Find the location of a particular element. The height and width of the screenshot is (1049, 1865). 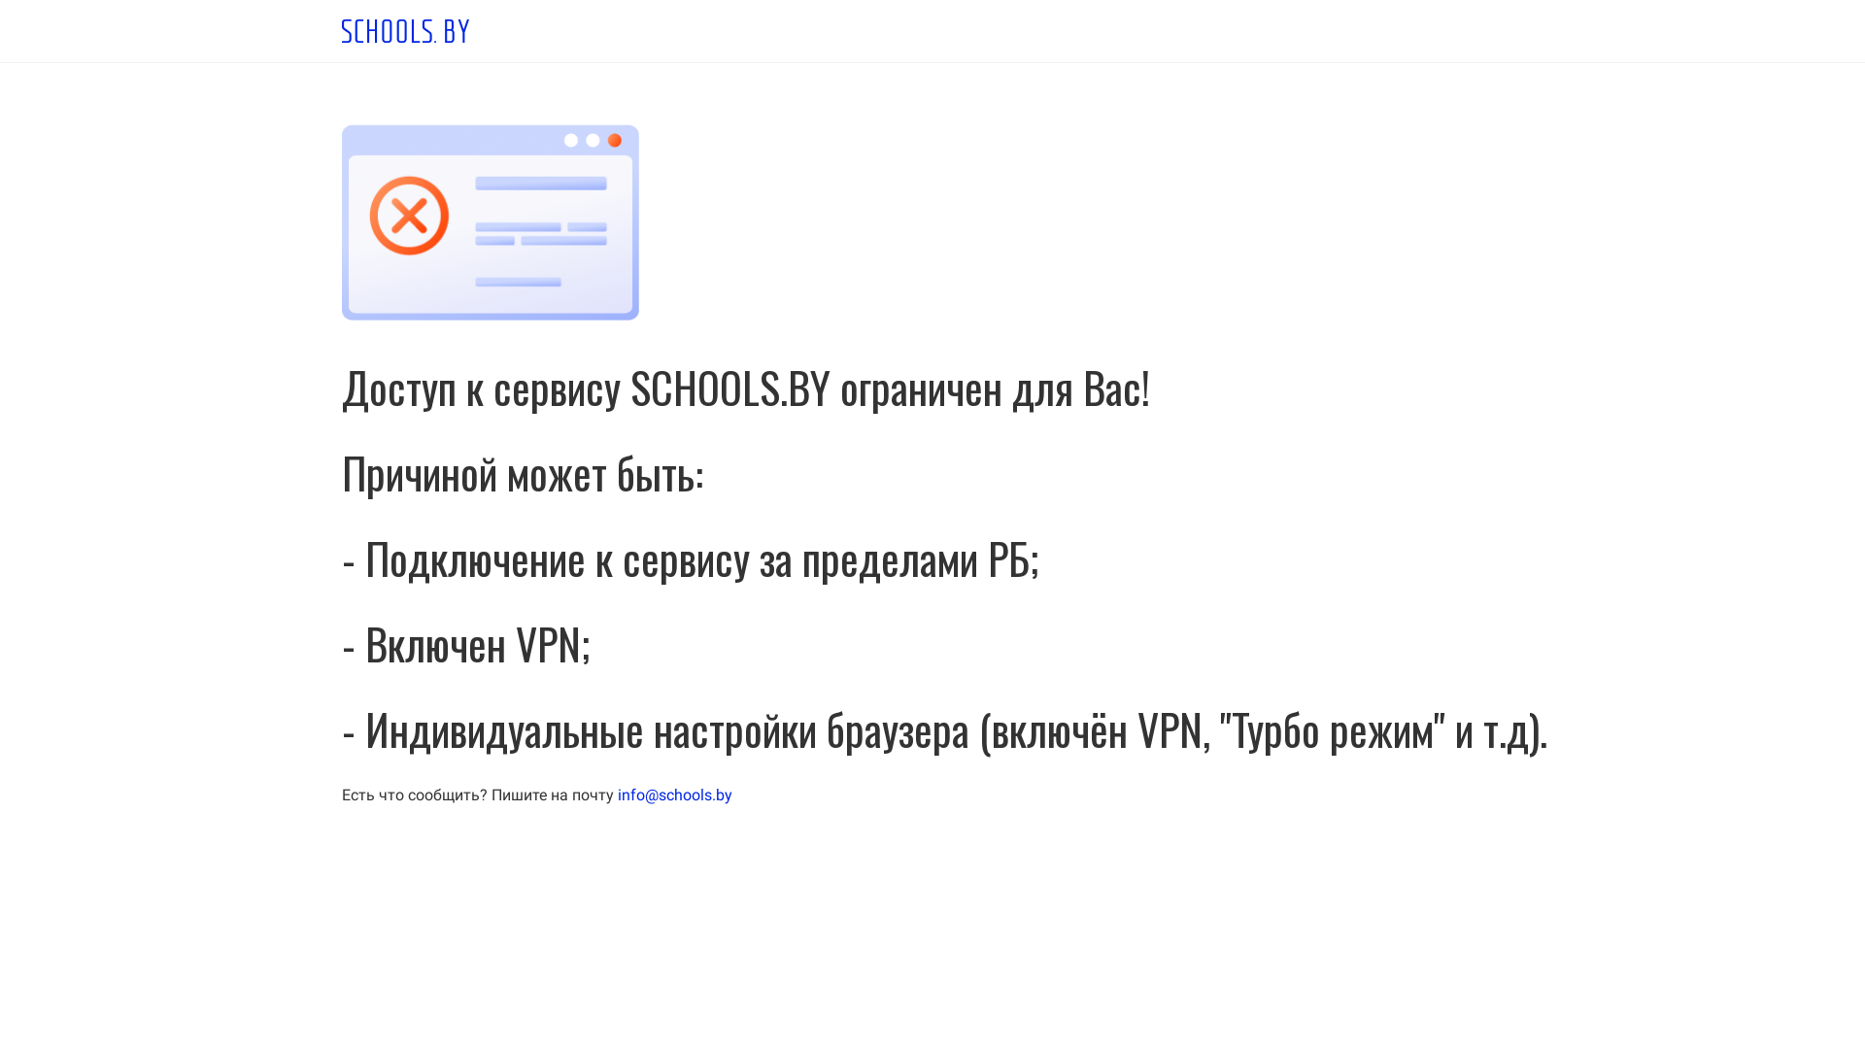

'info@schools.by' is located at coordinates (616, 795).